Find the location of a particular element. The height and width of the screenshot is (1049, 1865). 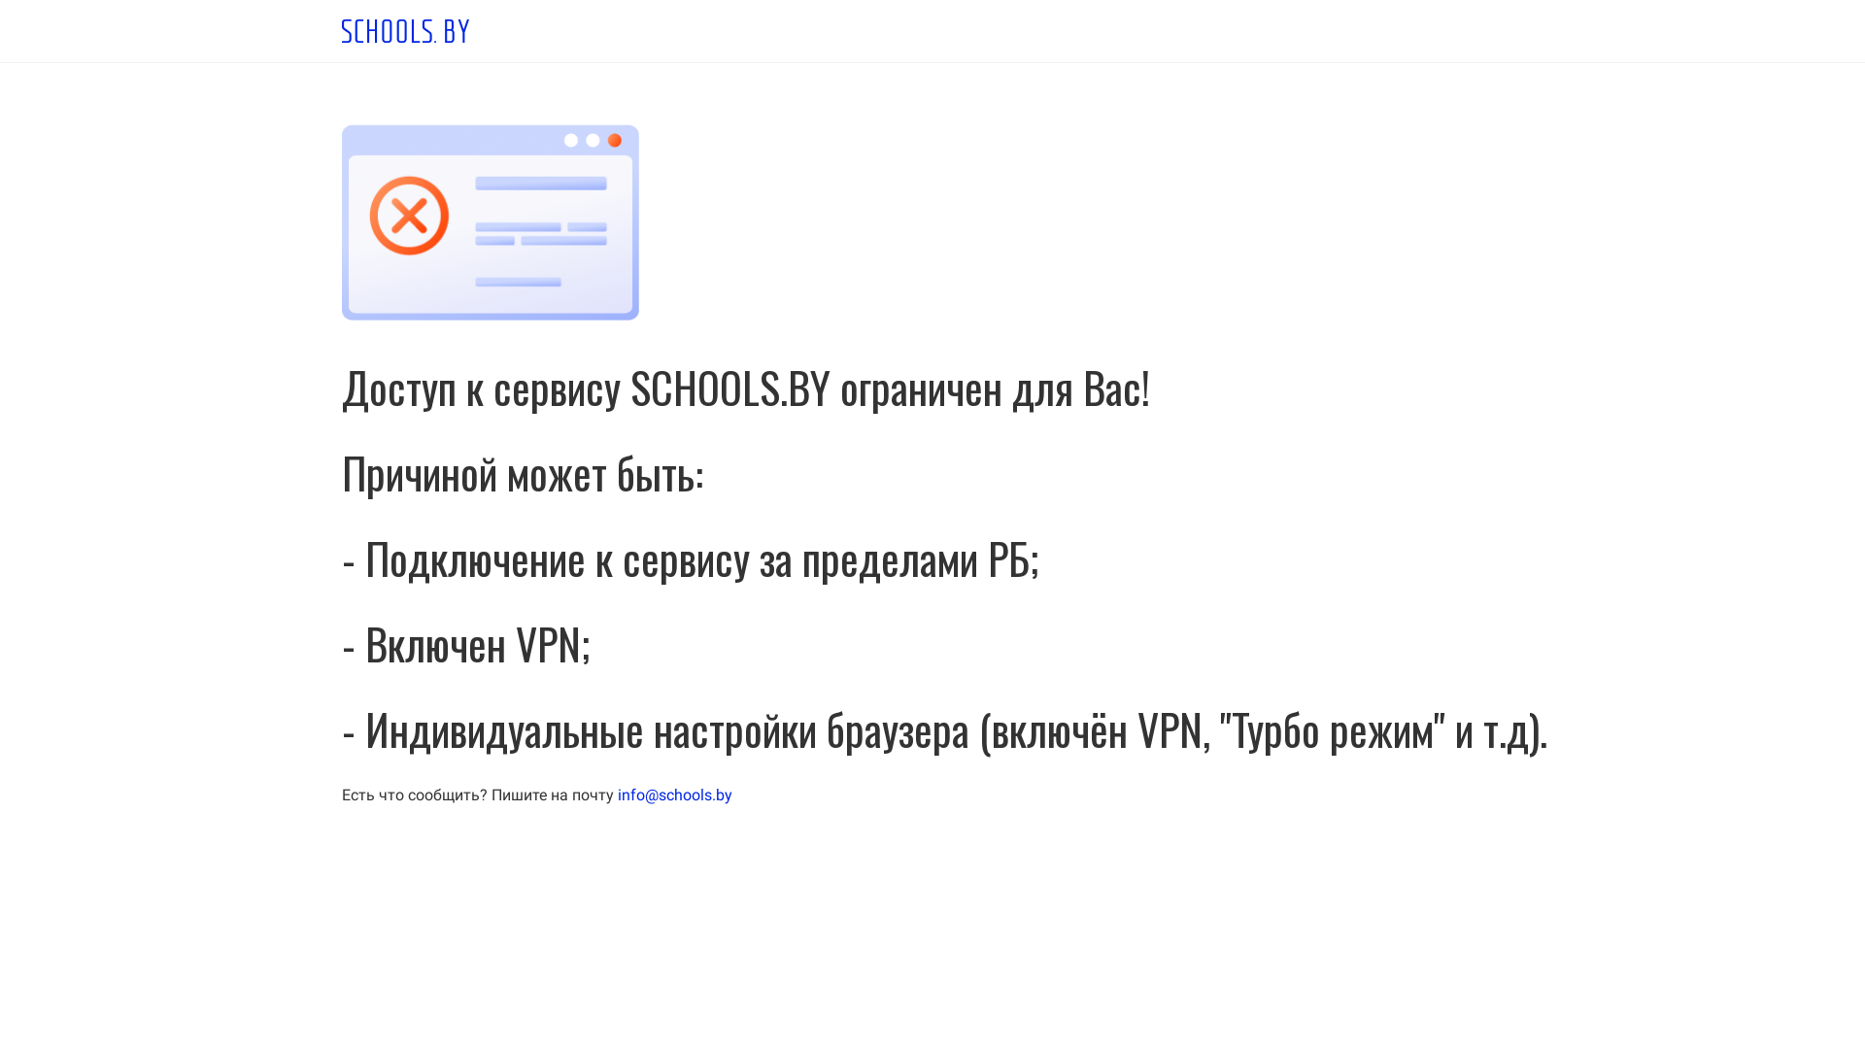

'info@schools.by' is located at coordinates (616, 795).